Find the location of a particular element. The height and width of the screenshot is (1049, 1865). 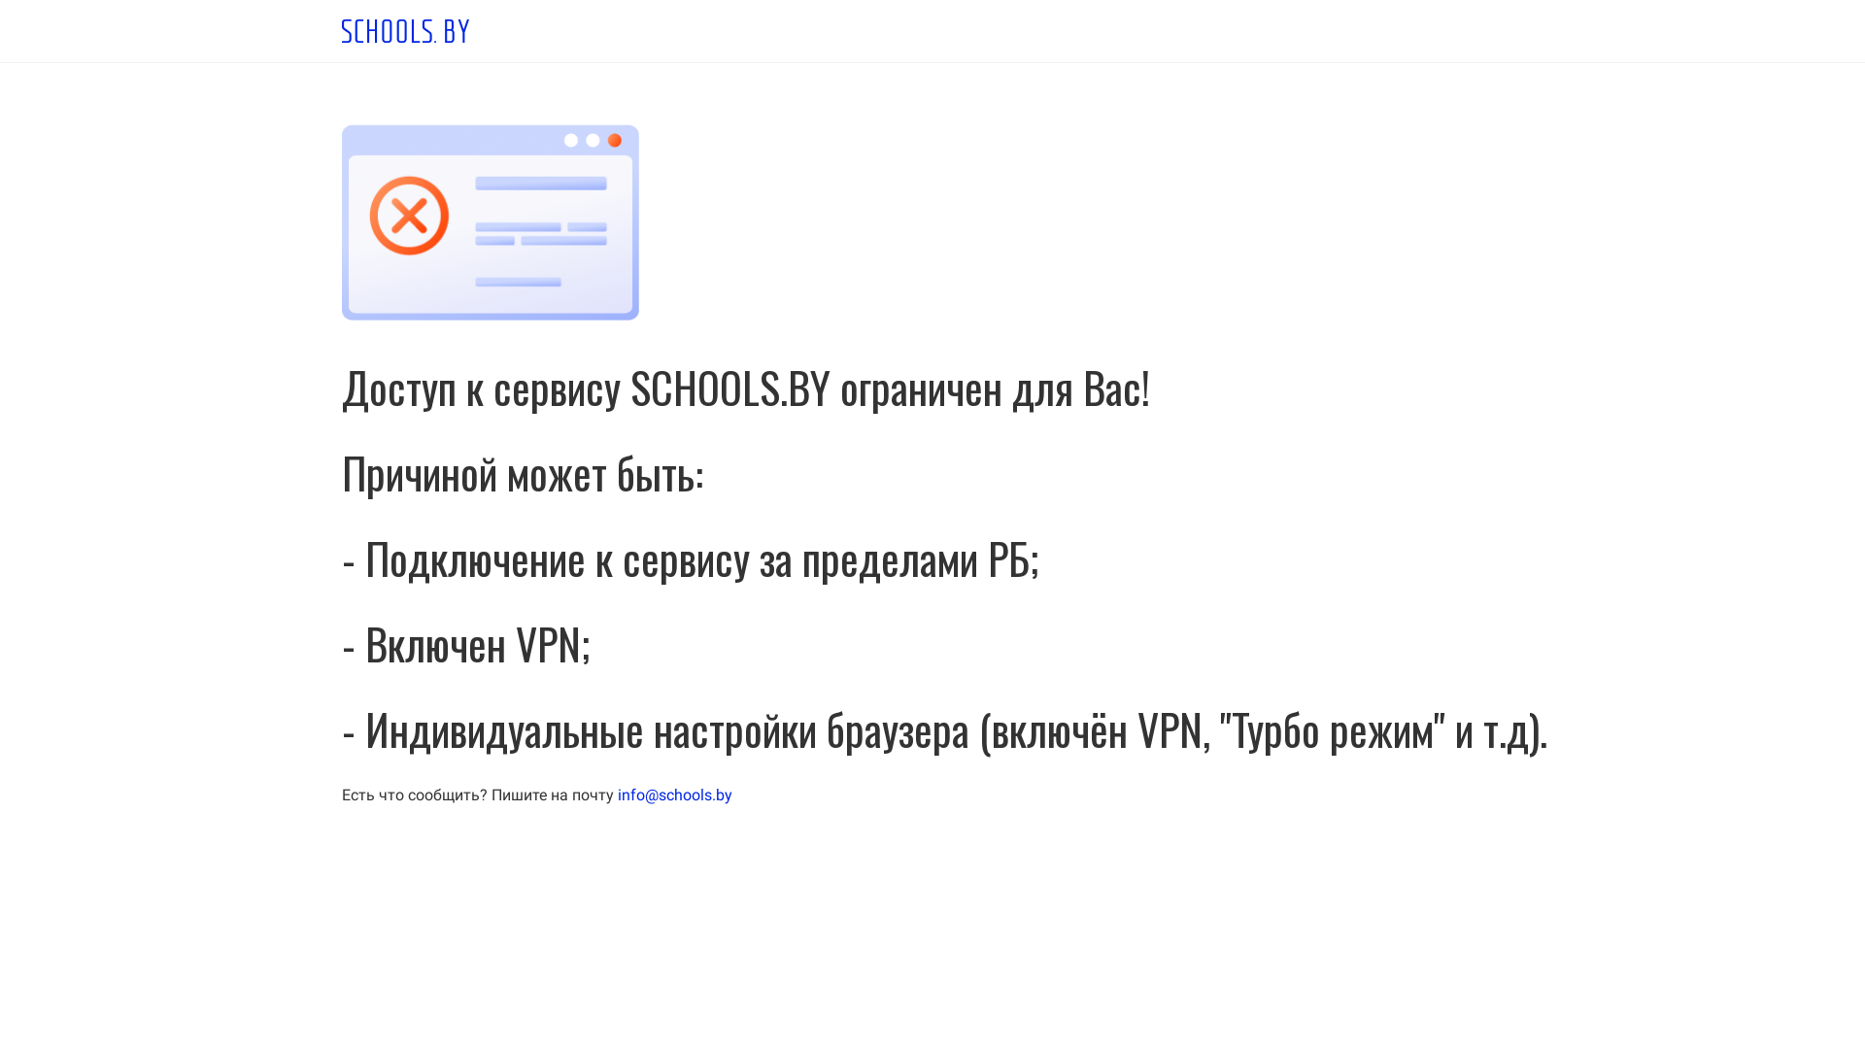

'info@schools.by' is located at coordinates (616, 795).